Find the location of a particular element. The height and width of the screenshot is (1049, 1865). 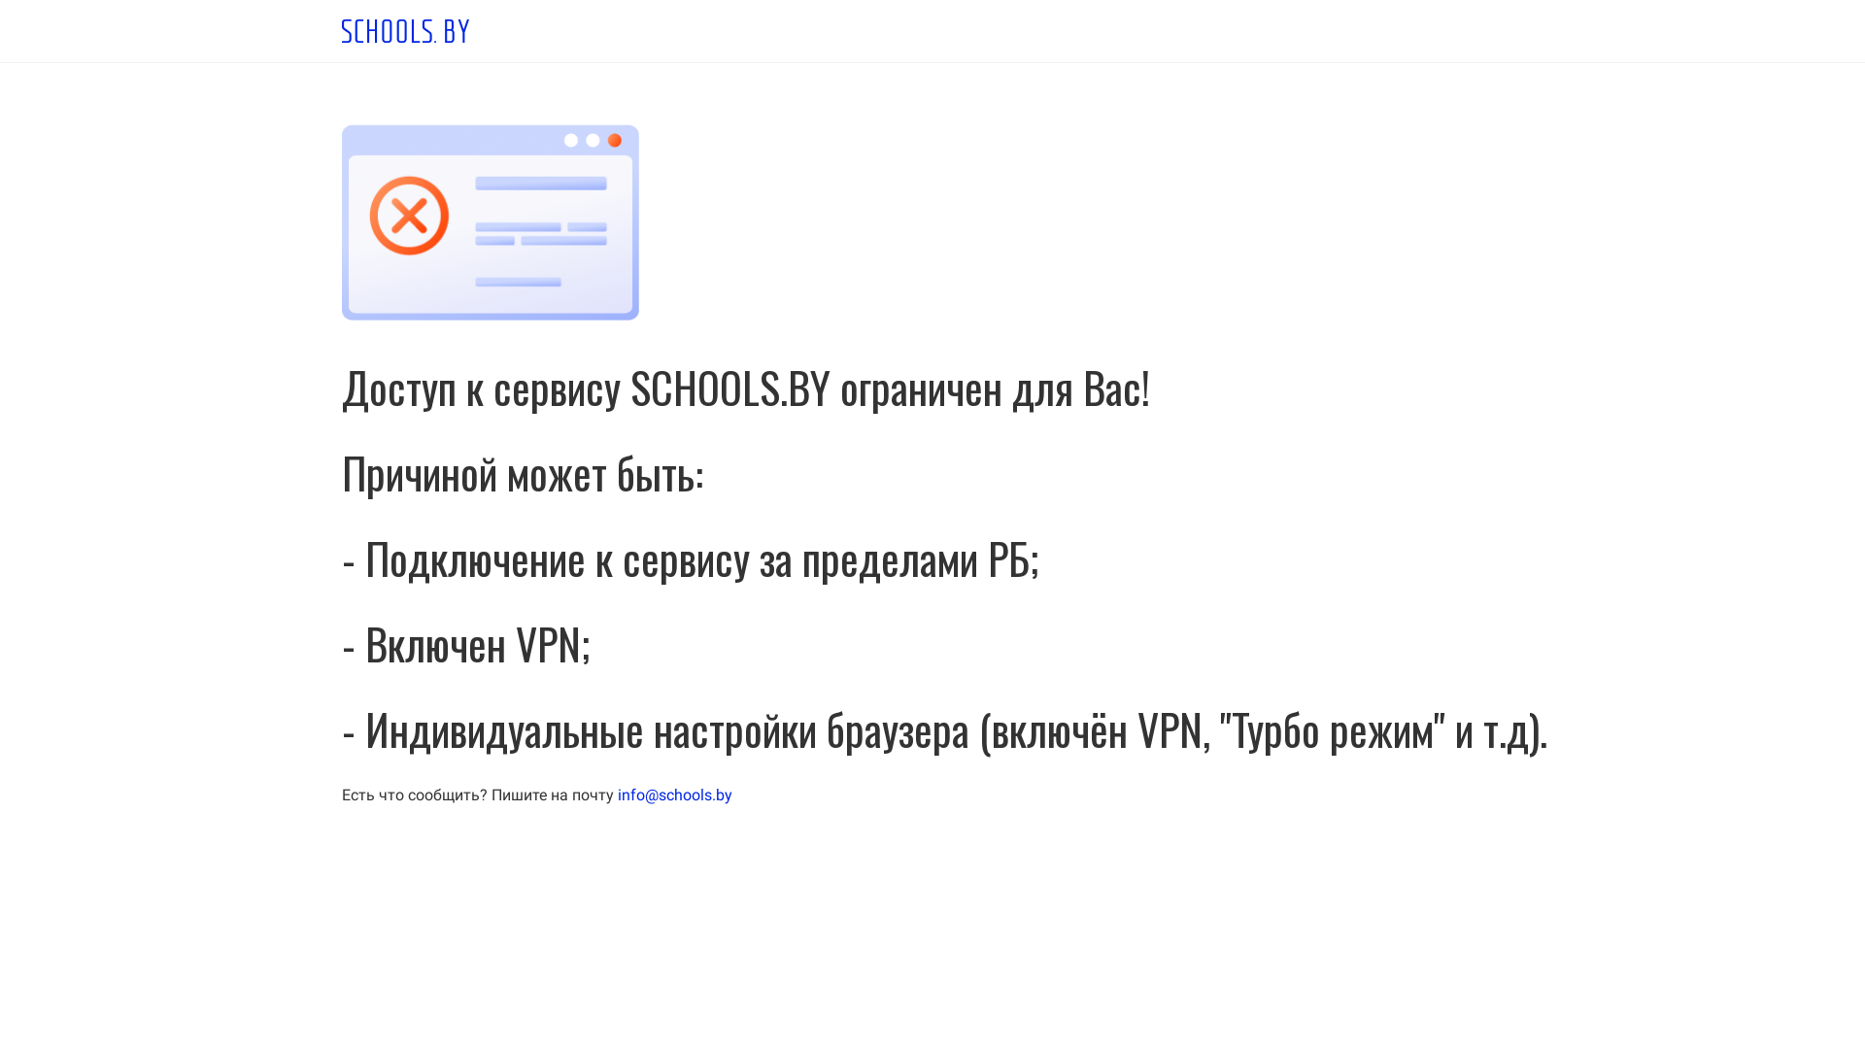

'info@schools.by' is located at coordinates (616, 795).